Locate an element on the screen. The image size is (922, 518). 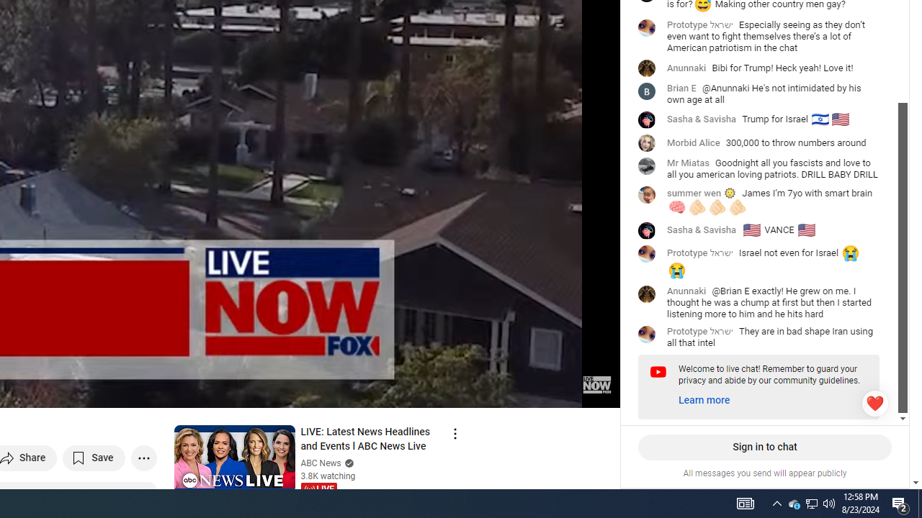
'Theater mode keyboard shortcut t' is located at coordinates (558, 391).